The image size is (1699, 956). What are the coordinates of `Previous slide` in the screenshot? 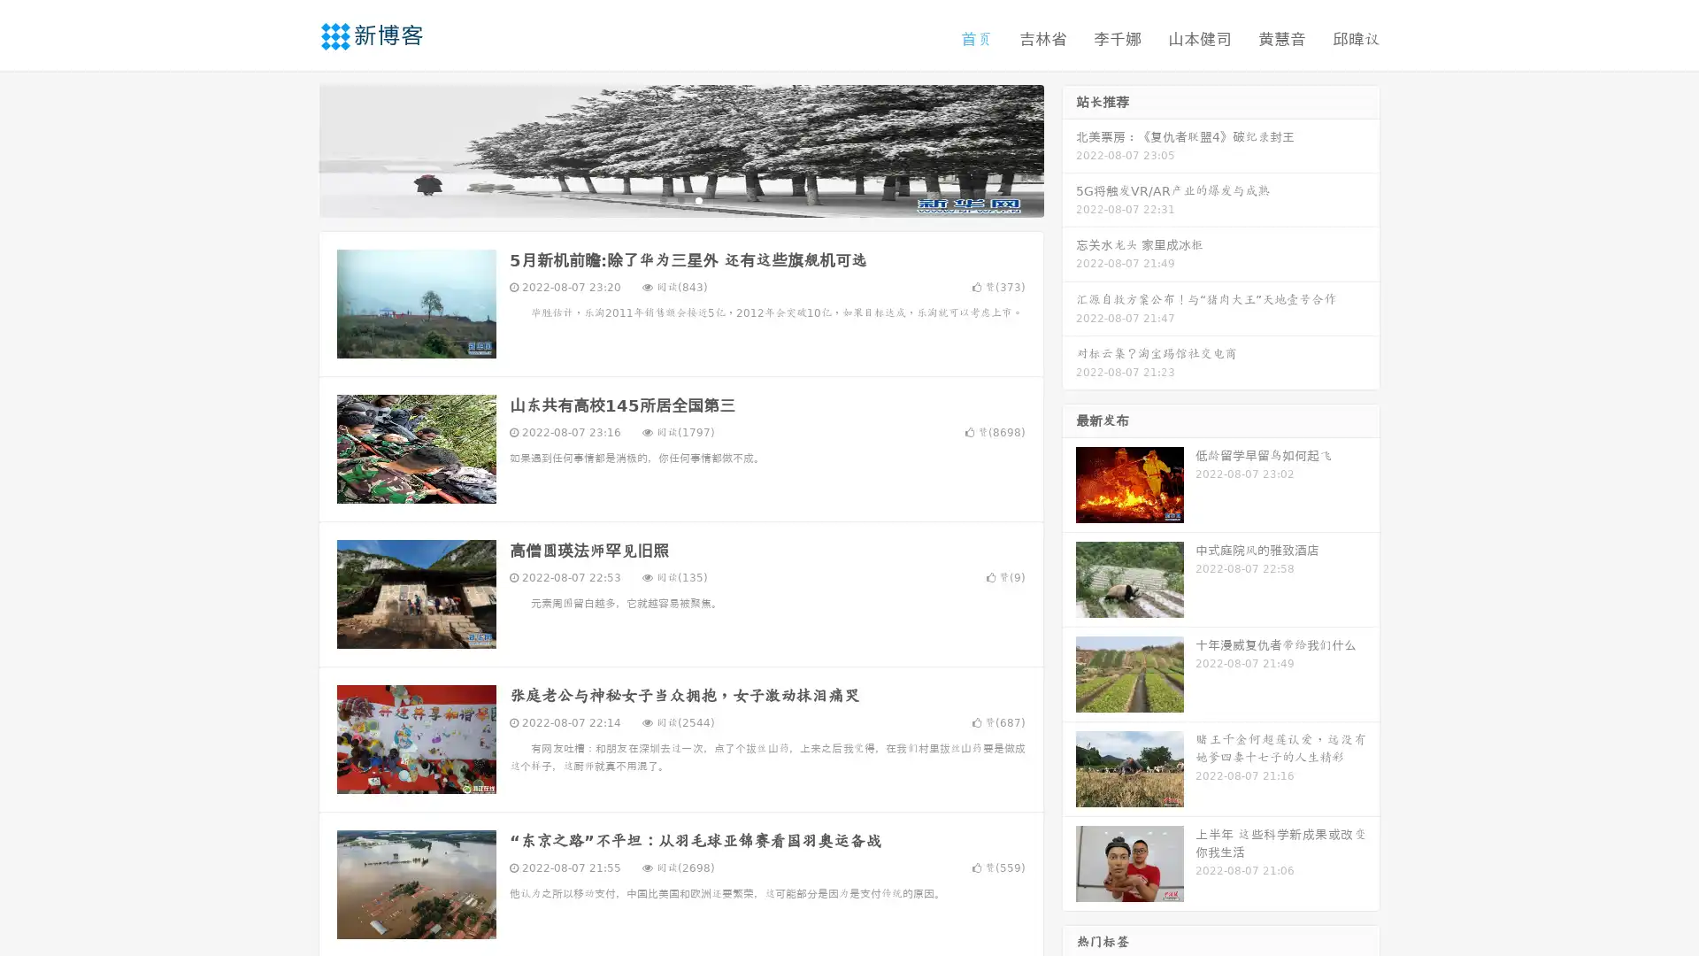 It's located at (292, 149).